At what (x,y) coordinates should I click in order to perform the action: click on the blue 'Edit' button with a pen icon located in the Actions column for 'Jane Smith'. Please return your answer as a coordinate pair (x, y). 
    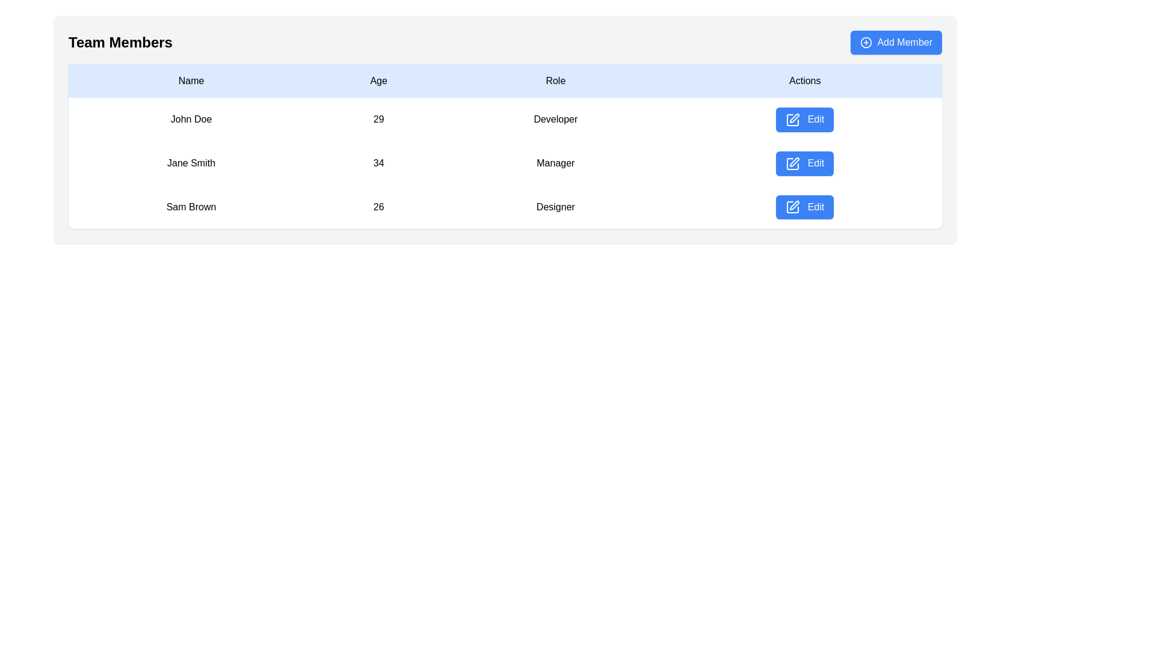
    Looking at the image, I should click on (805, 163).